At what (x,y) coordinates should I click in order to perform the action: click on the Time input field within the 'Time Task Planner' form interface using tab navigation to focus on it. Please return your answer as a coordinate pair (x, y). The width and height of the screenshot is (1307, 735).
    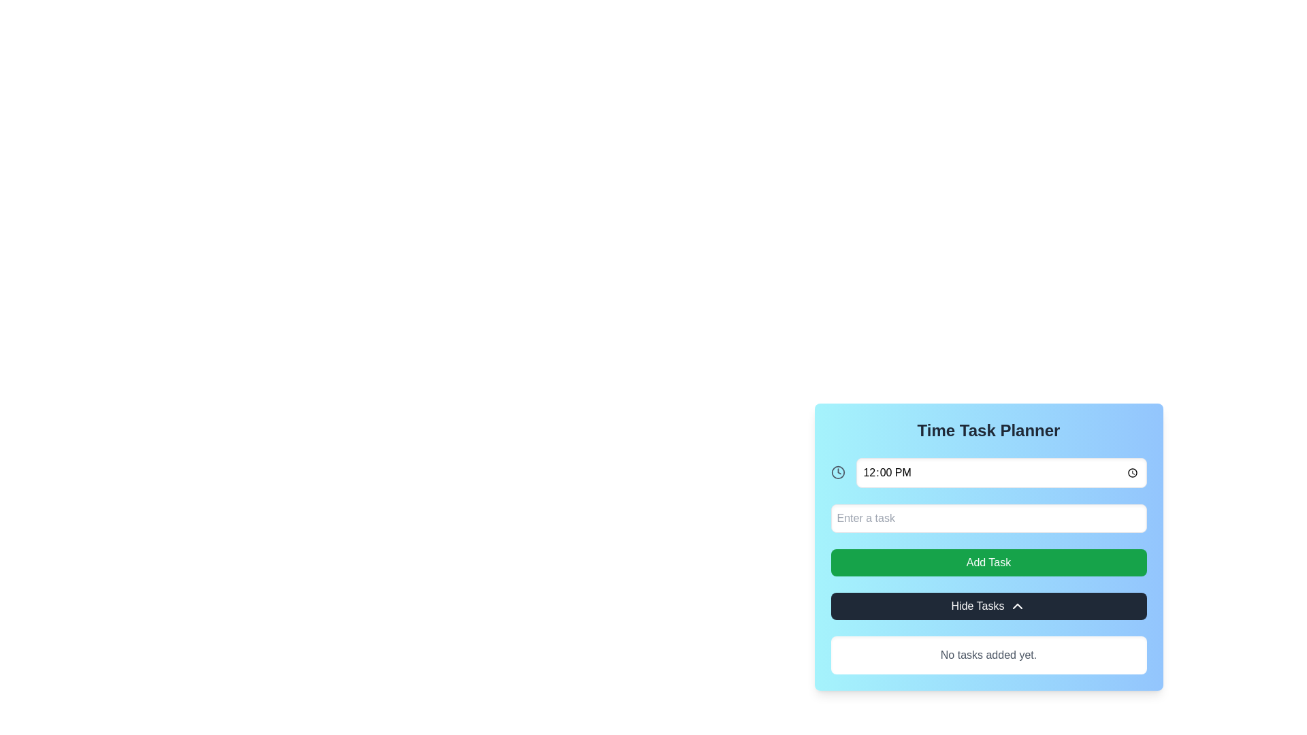
    Looking at the image, I should click on (1001, 472).